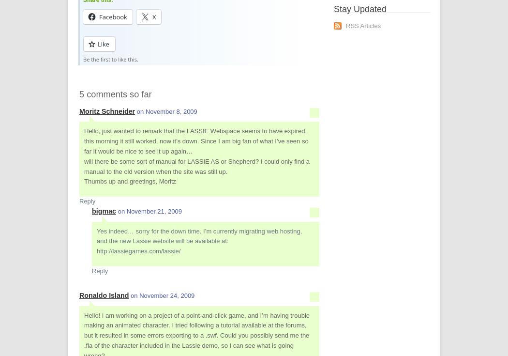  Describe the element at coordinates (170, 110) in the screenshot. I see `'November 8, 2009'` at that location.